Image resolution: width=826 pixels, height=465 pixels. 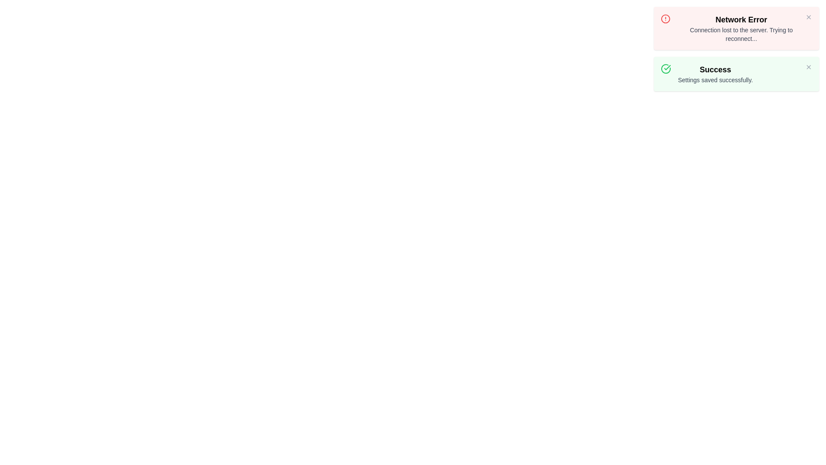 What do you see at coordinates (715, 74) in the screenshot?
I see `text information displayed in the notification box indicating that settings have been saved successfully, which includes the title 'Success' and the message 'Settings saved successfully.'` at bounding box center [715, 74].